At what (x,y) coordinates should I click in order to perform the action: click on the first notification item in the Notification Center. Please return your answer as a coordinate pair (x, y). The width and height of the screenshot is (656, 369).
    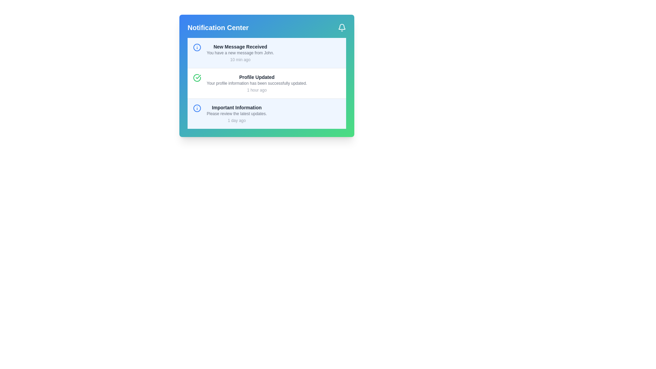
    Looking at the image, I should click on (266, 52).